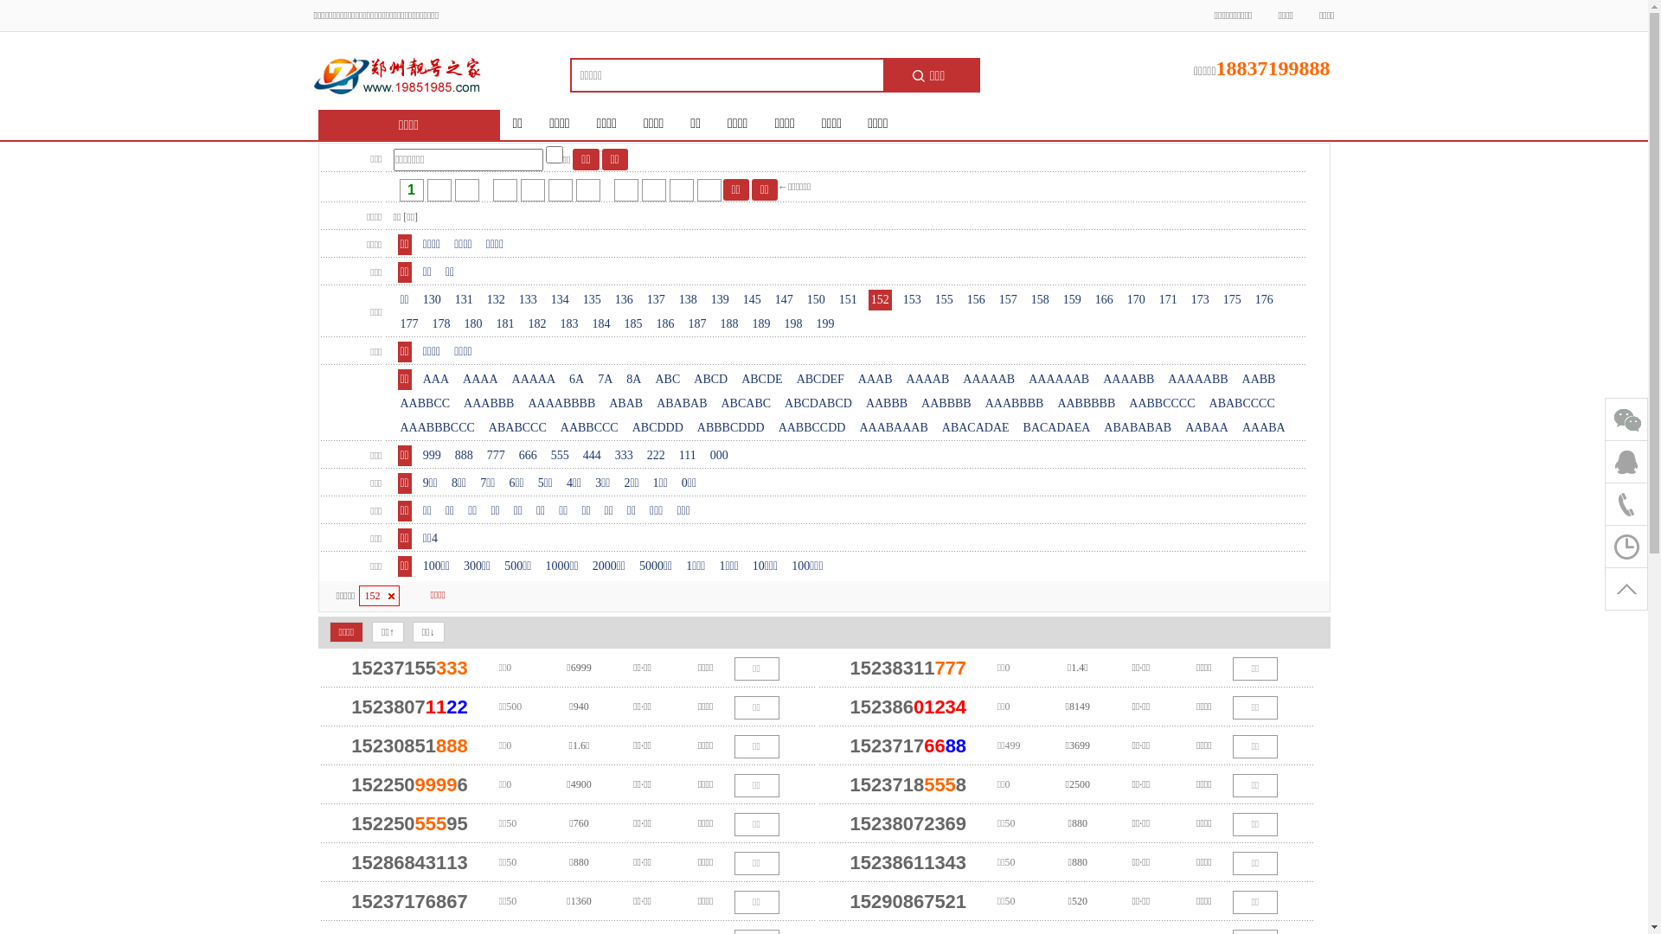 The image size is (1661, 934). What do you see at coordinates (1136, 299) in the screenshot?
I see `'170'` at bounding box center [1136, 299].